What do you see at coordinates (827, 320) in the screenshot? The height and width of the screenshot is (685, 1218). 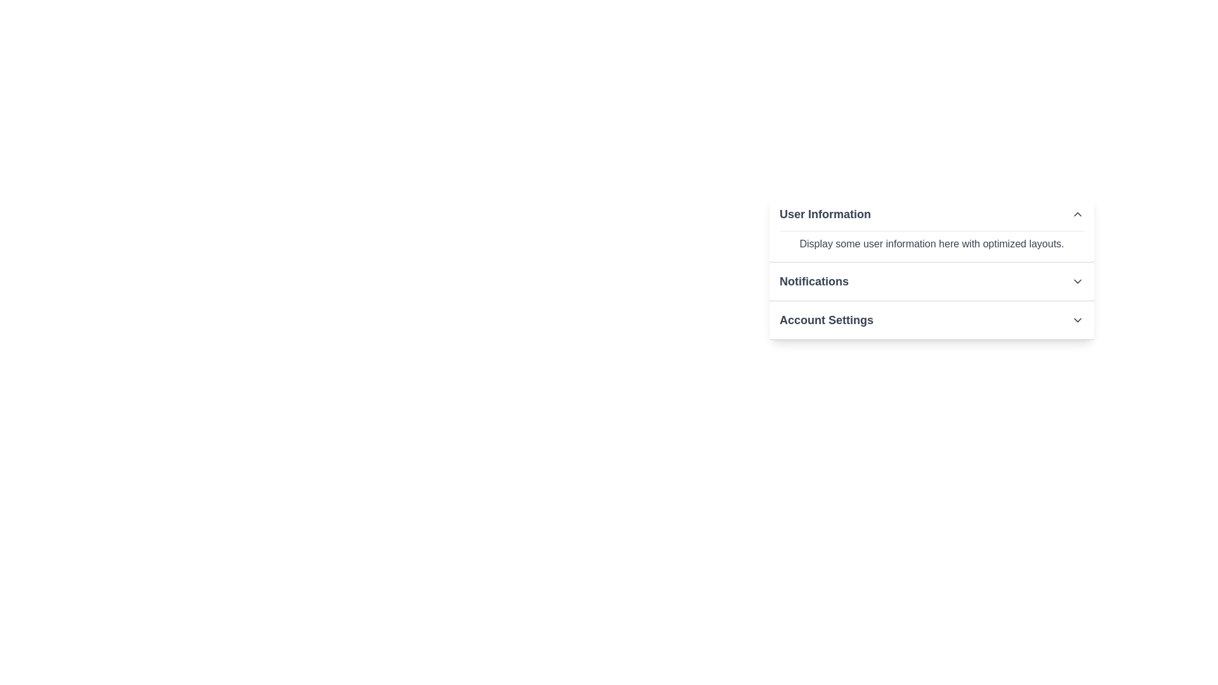 I see `the 'Account Settings' text label, which is a prominent heading in bold dark gray located near the bottom of the list of sections, directly below the 'Notifications' section` at bounding box center [827, 320].